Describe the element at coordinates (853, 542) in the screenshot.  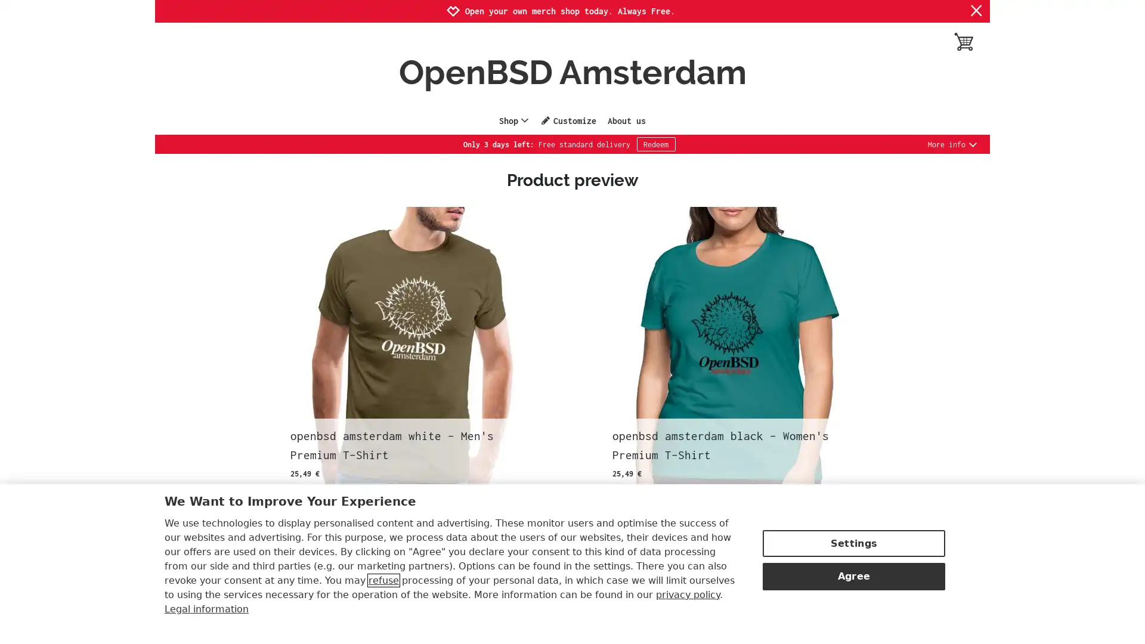
I see `Settings` at that location.